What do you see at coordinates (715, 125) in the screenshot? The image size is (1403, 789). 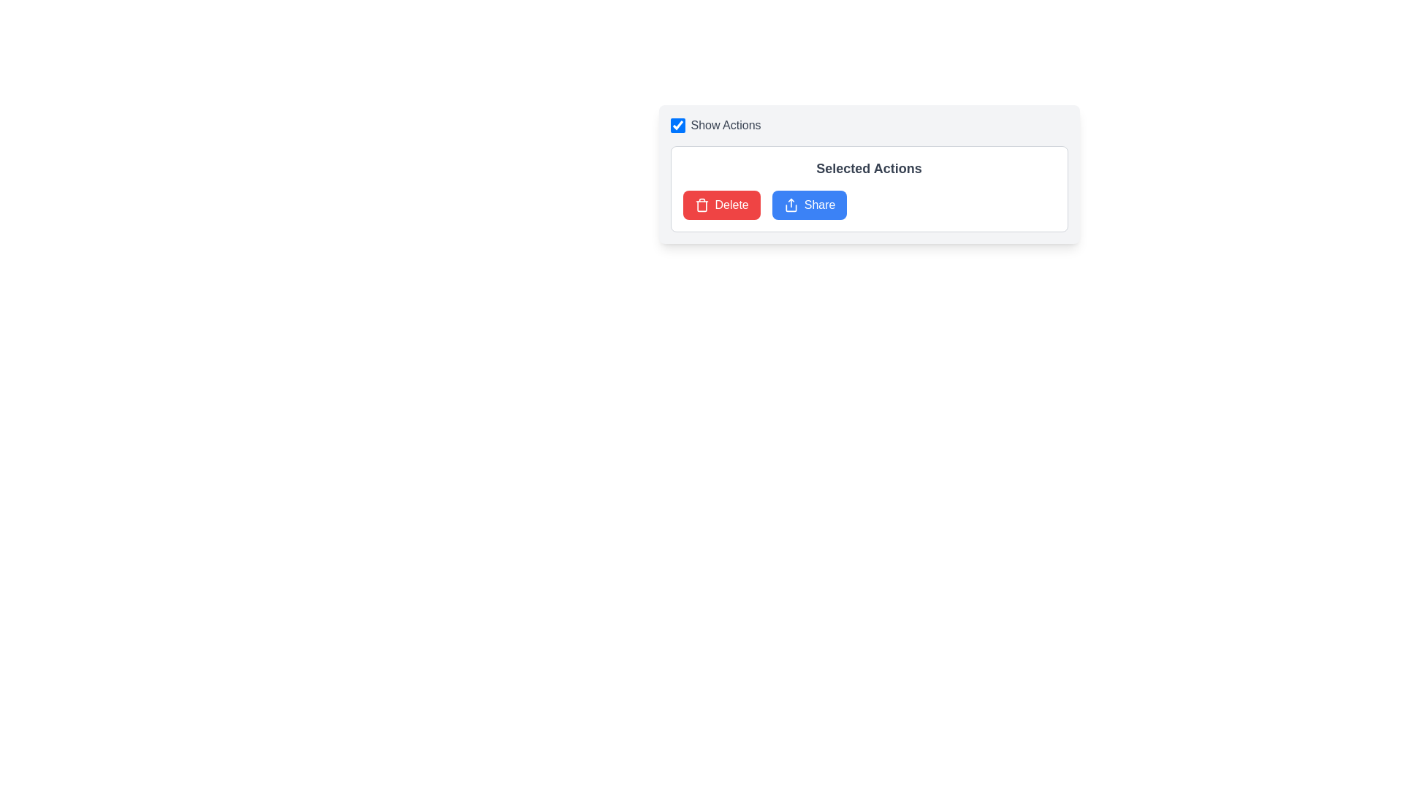 I see `the checkbox labeled 'Show Actions'` at bounding box center [715, 125].